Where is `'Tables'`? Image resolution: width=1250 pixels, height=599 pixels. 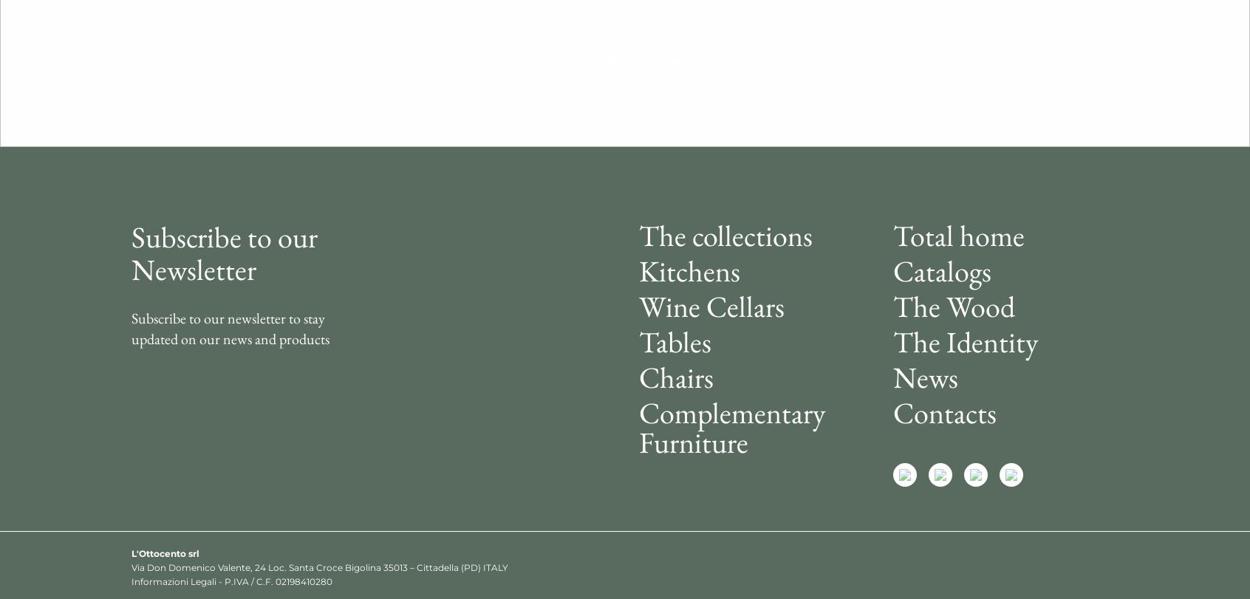
'Tables' is located at coordinates (674, 340).